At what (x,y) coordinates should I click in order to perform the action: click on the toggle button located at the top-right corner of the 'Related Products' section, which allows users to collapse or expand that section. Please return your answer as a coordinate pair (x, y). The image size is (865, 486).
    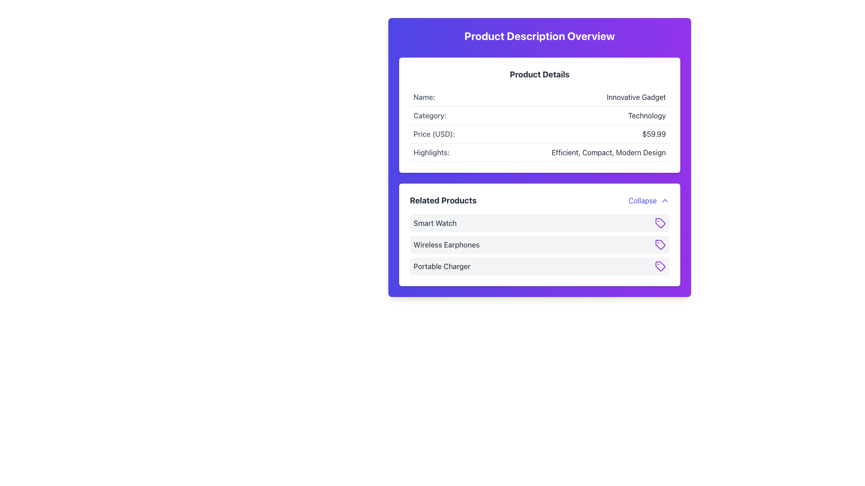
    Looking at the image, I should click on (649, 200).